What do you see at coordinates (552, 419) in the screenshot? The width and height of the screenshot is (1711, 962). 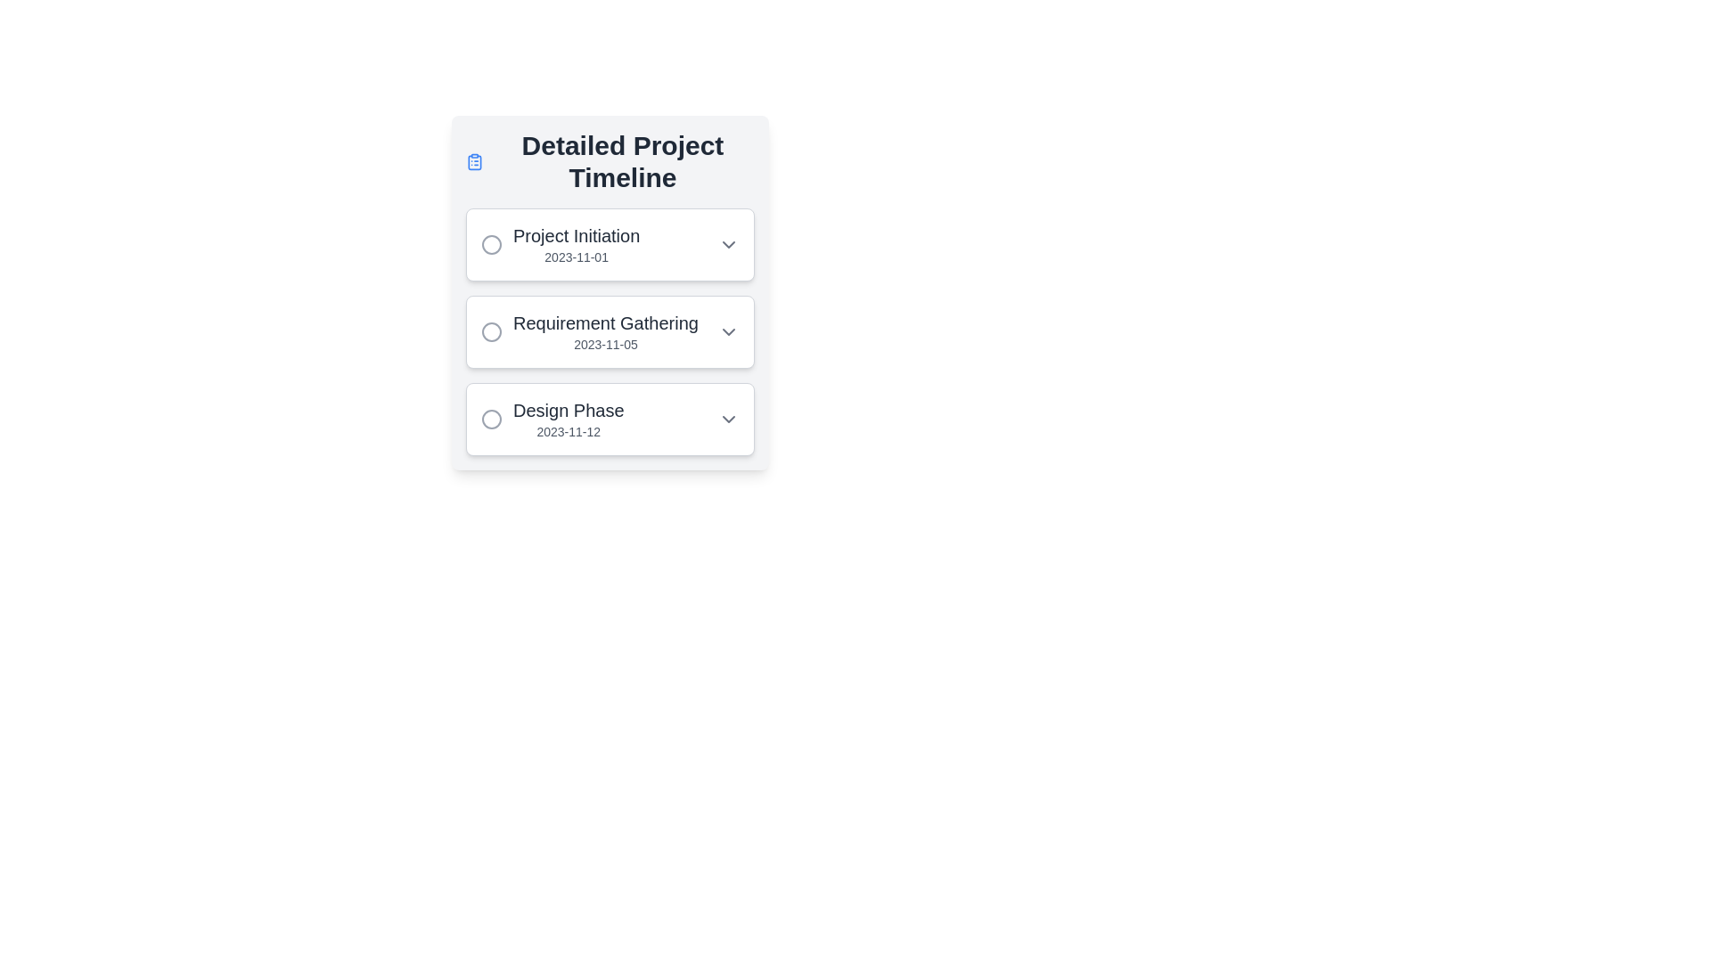 I see `the 'Design Phase' list item` at bounding box center [552, 419].